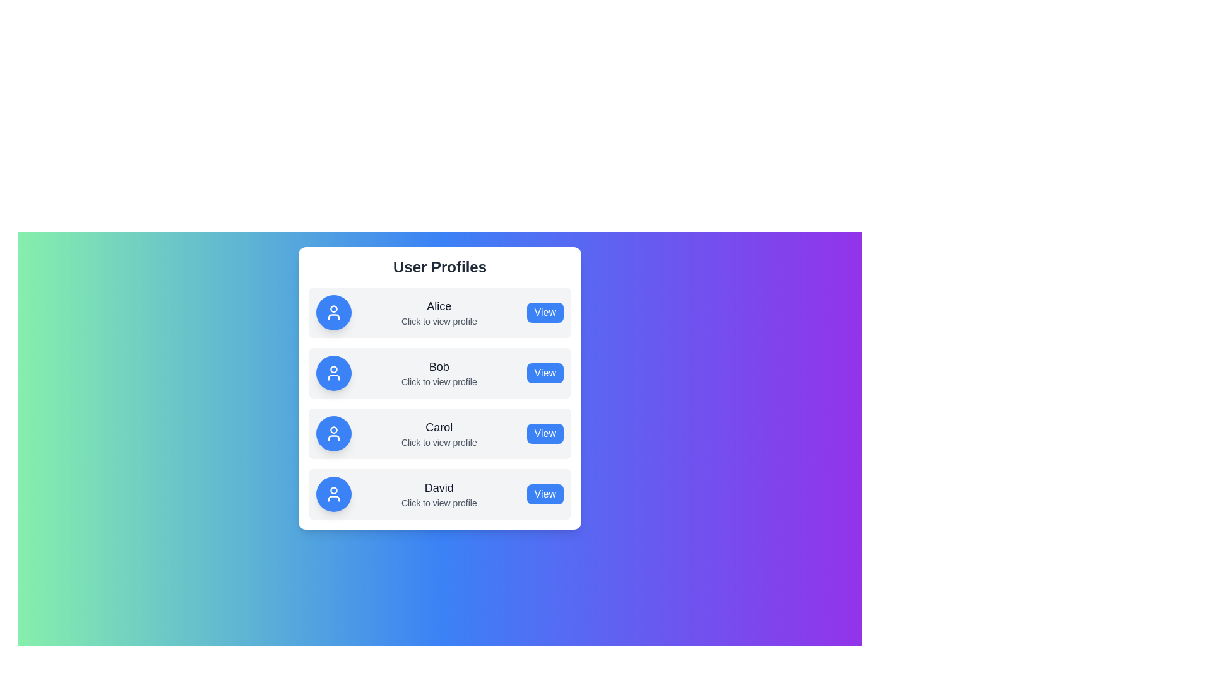 This screenshot has height=681, width=1212. What do you see at coordinates (545, 312) in the screenshot?
I see `the blue rectangular button with rounded corners labeled 'View' located to the right of the list item for 'Alice'` at bounding box center [545, 312].